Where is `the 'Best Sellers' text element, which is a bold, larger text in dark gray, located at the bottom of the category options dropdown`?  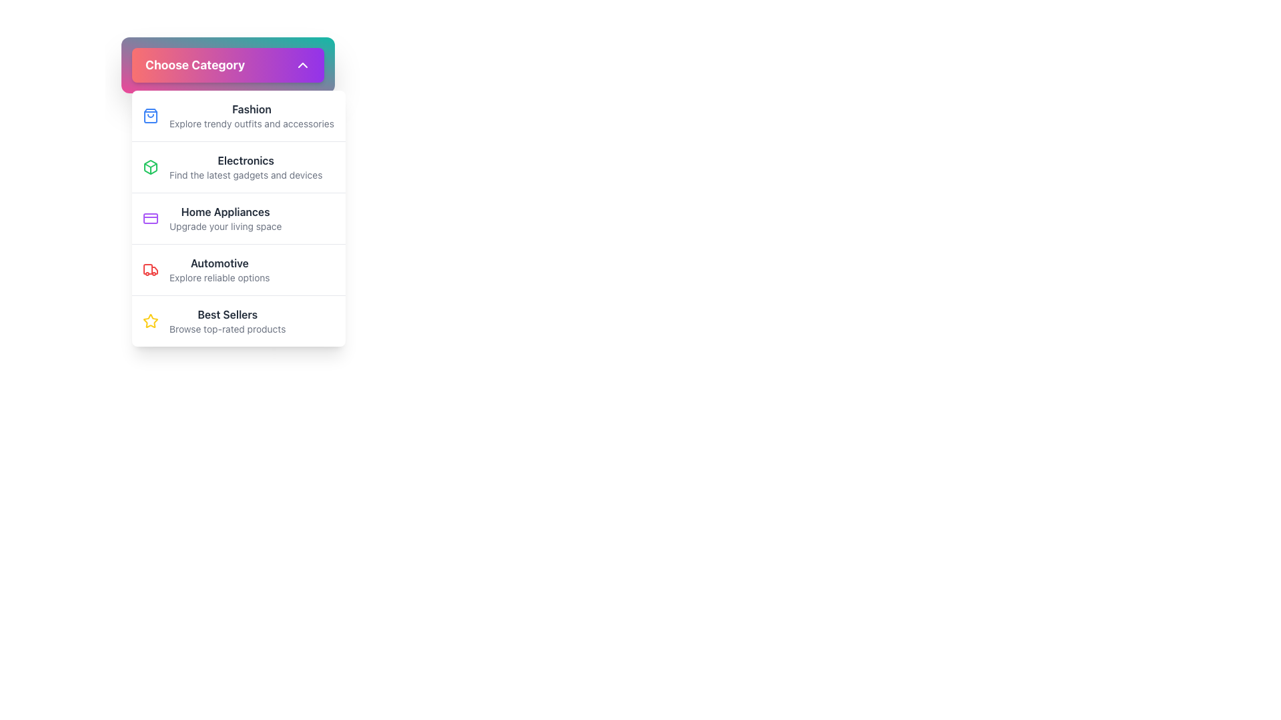 the 'Best Sellers' text element, which is a bold, larger text in dark gray, located at the bottom of the category options dropdown is located at coordinates (228, 321).